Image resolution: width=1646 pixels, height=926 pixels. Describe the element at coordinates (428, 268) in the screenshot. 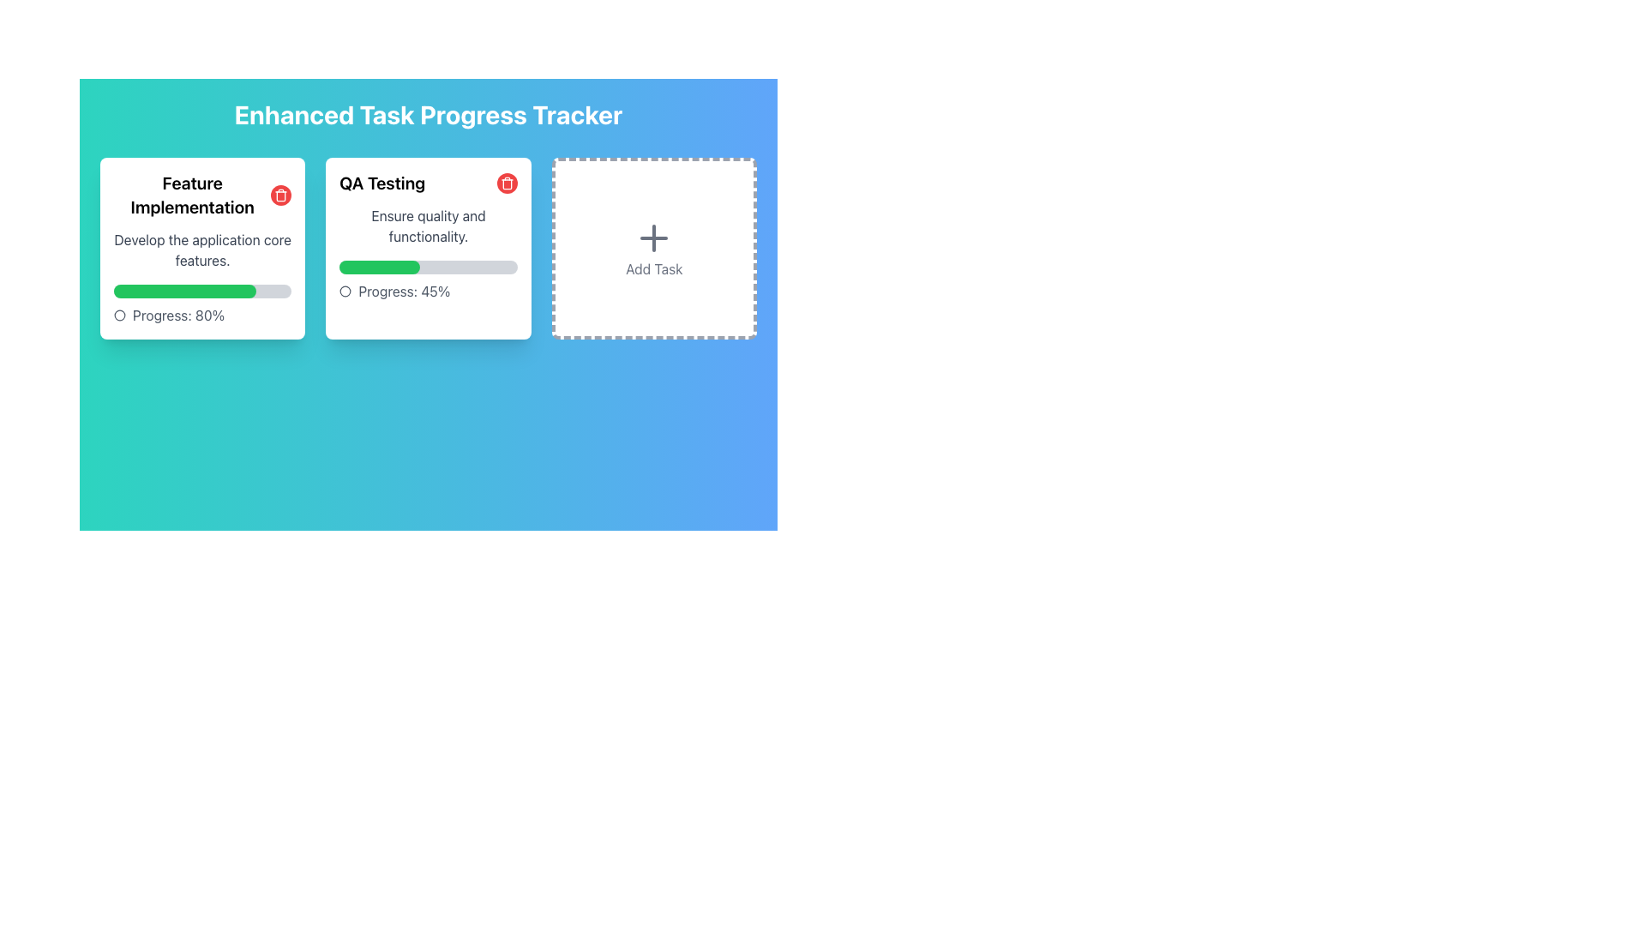

I see `the progress bar within the 'QA Testing' card, which is styled with a gray background and has a green-filled section indicating 45% progress` at that location.